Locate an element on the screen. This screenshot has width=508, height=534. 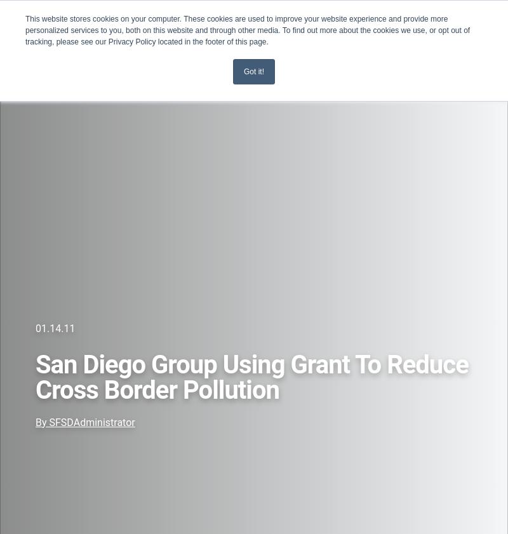
'Got it!' is located at coordinates (253, 71).